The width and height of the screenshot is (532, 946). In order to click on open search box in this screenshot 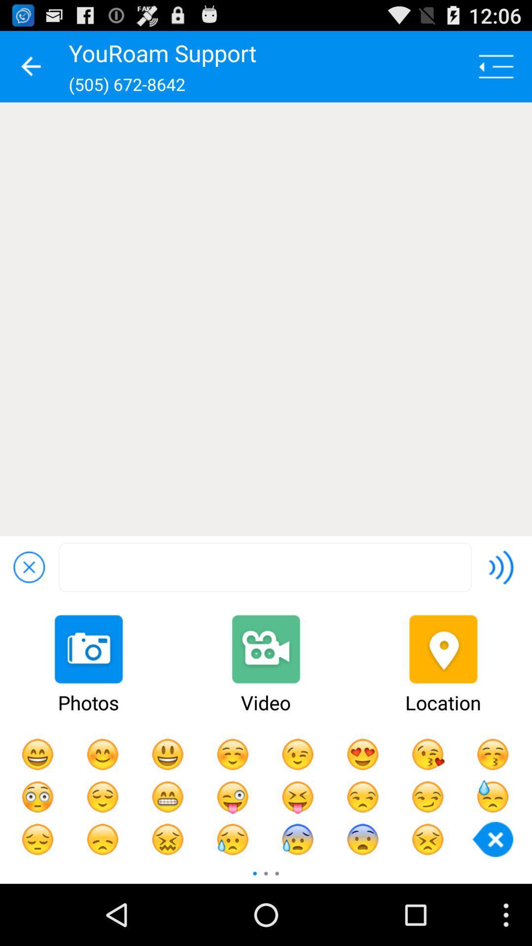, I will do `click(265, 567)`.